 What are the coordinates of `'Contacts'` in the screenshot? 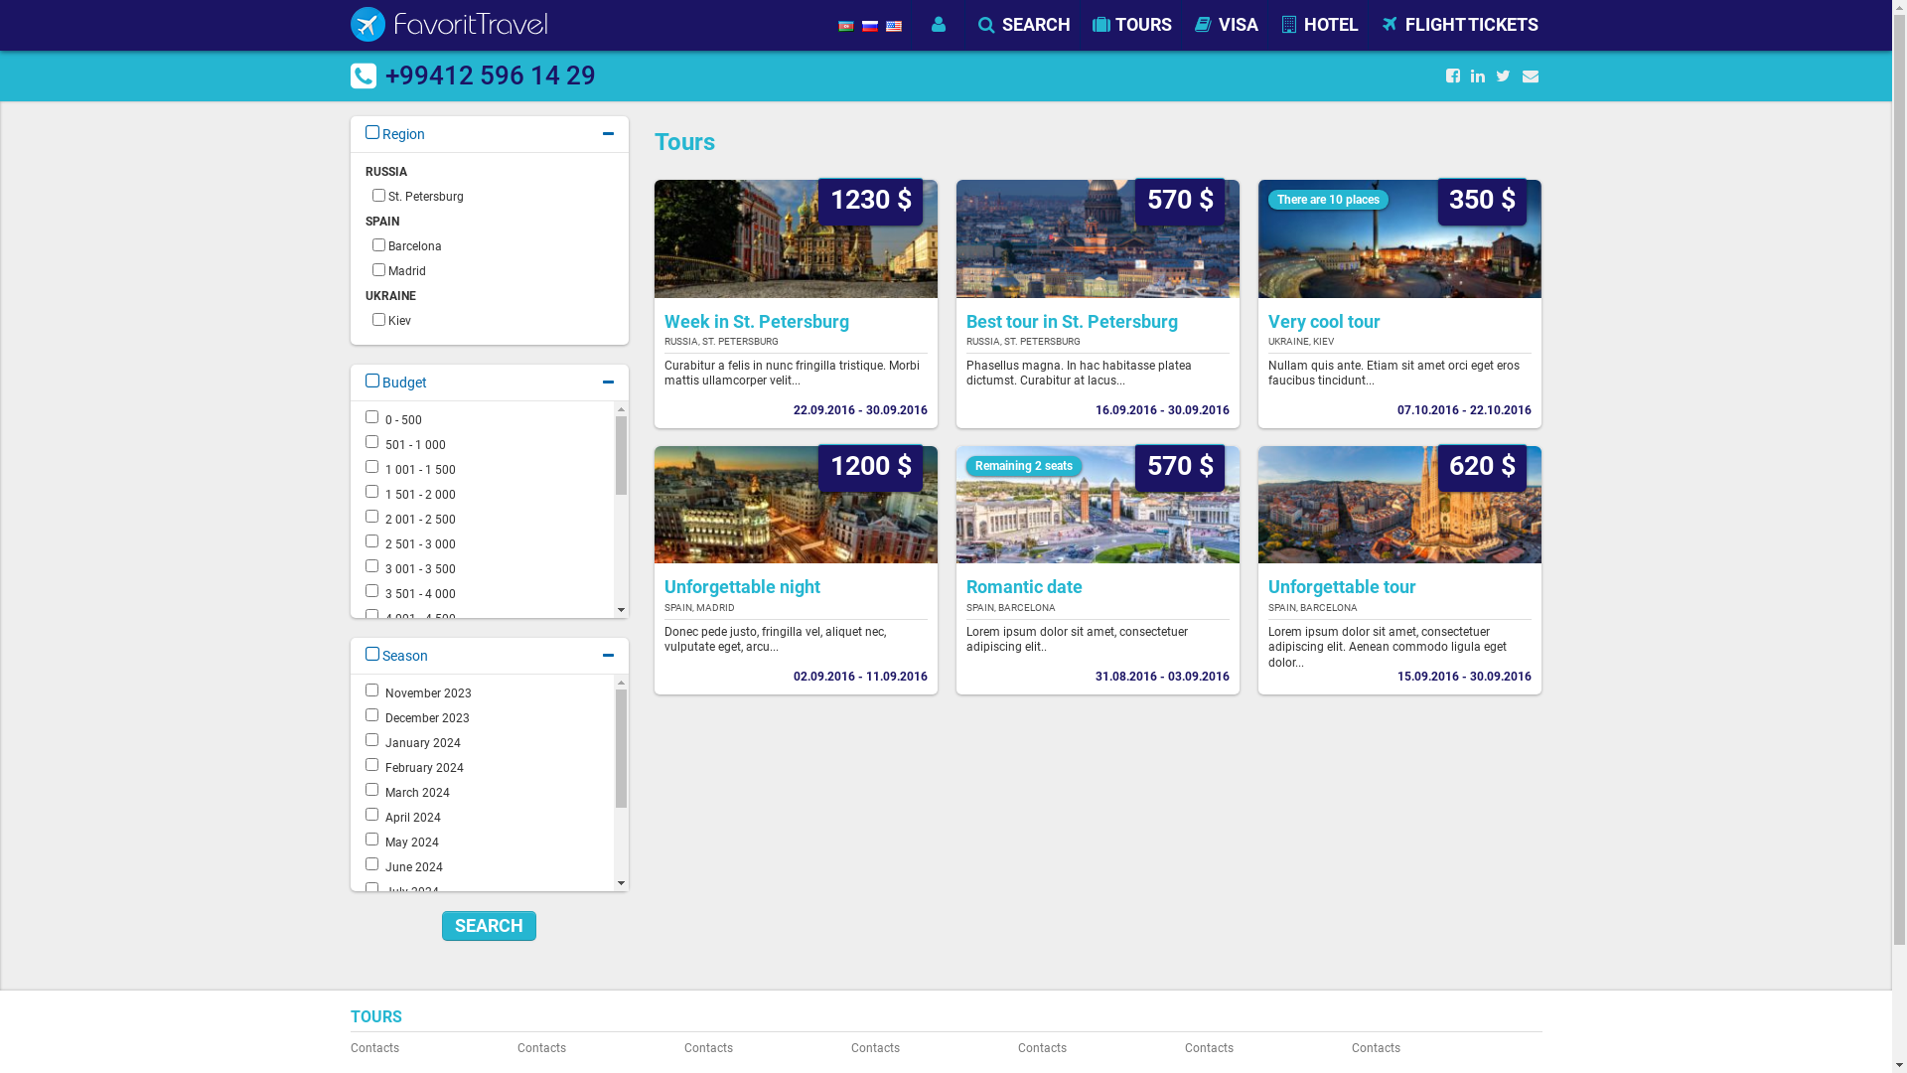 It's located at (426, 1047).